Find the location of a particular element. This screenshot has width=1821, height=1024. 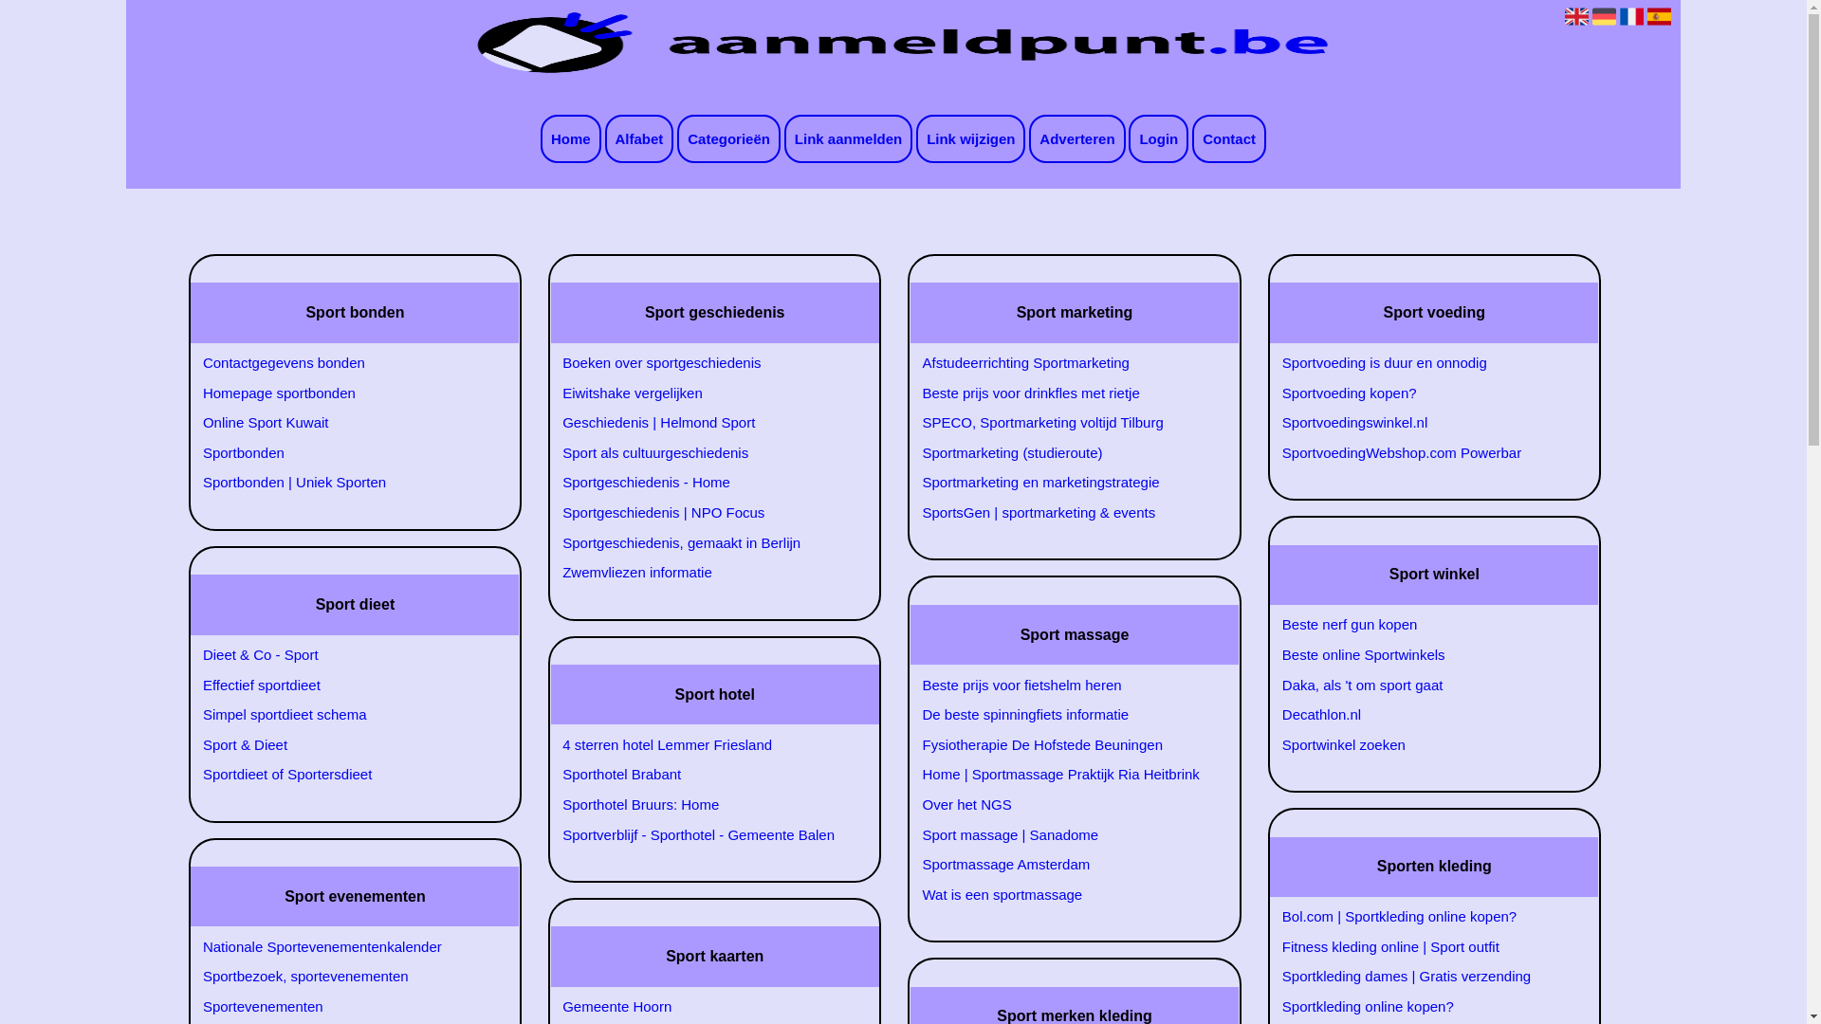

'Home' is located at coordinates (569, 137).